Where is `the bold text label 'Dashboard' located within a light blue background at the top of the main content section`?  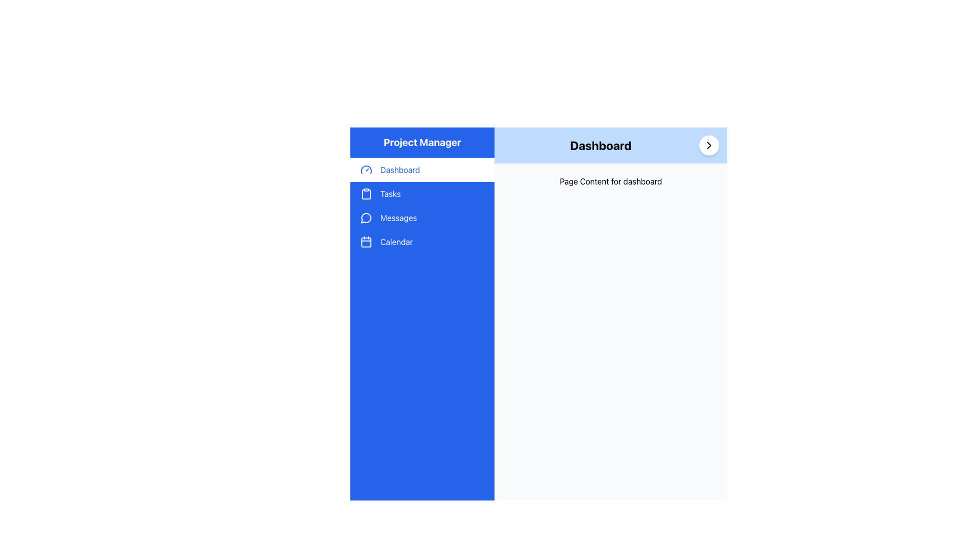 the bold text label 'Dashboard' located within a light blue background at the top of the main content section is located at coordinates (601, 145).